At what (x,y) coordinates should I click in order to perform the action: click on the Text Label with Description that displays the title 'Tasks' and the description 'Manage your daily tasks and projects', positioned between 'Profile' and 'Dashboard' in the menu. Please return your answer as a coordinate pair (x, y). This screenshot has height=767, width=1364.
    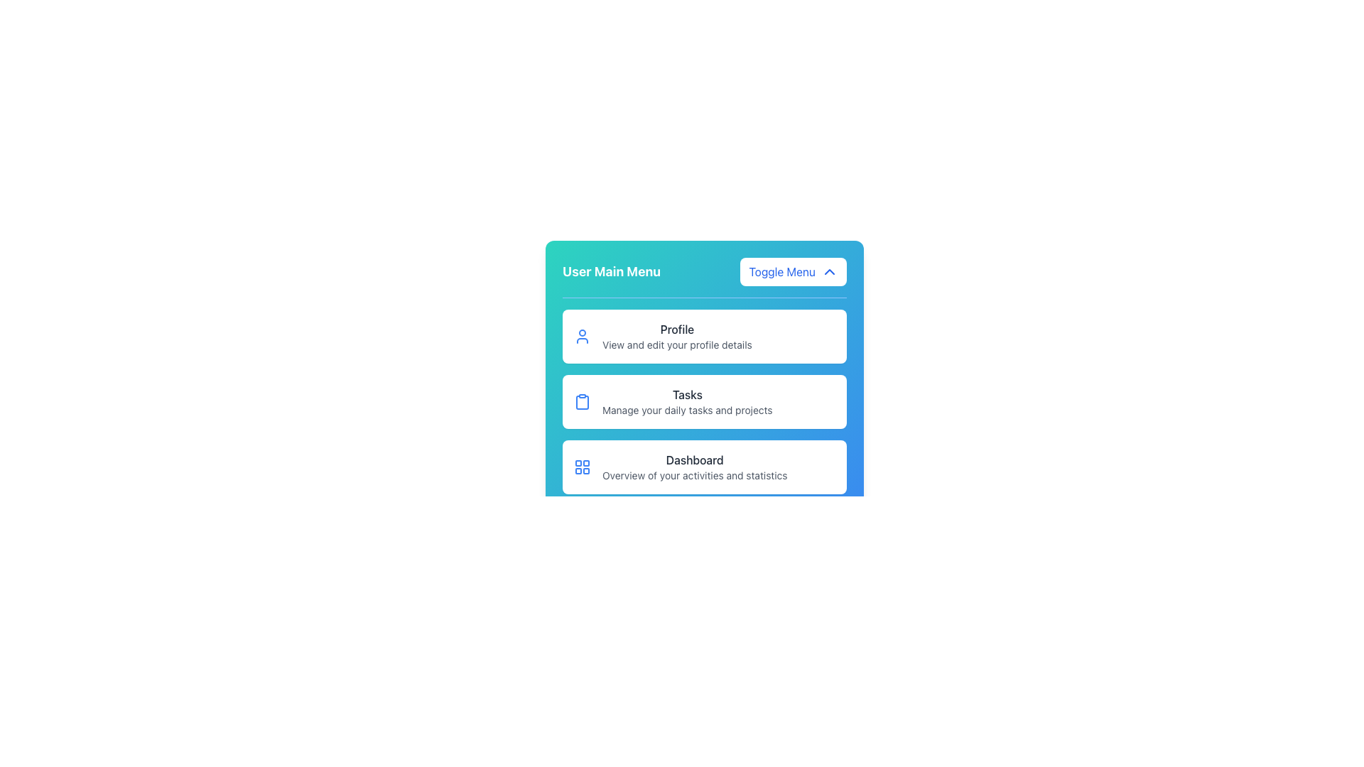
    Looking at the image, I should click on (687, 402).